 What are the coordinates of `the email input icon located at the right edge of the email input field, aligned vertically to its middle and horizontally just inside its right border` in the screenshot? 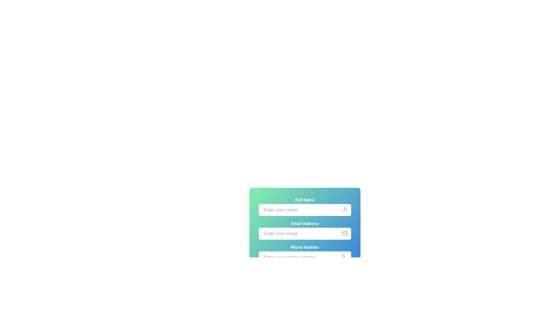 It's located at (345, 233).